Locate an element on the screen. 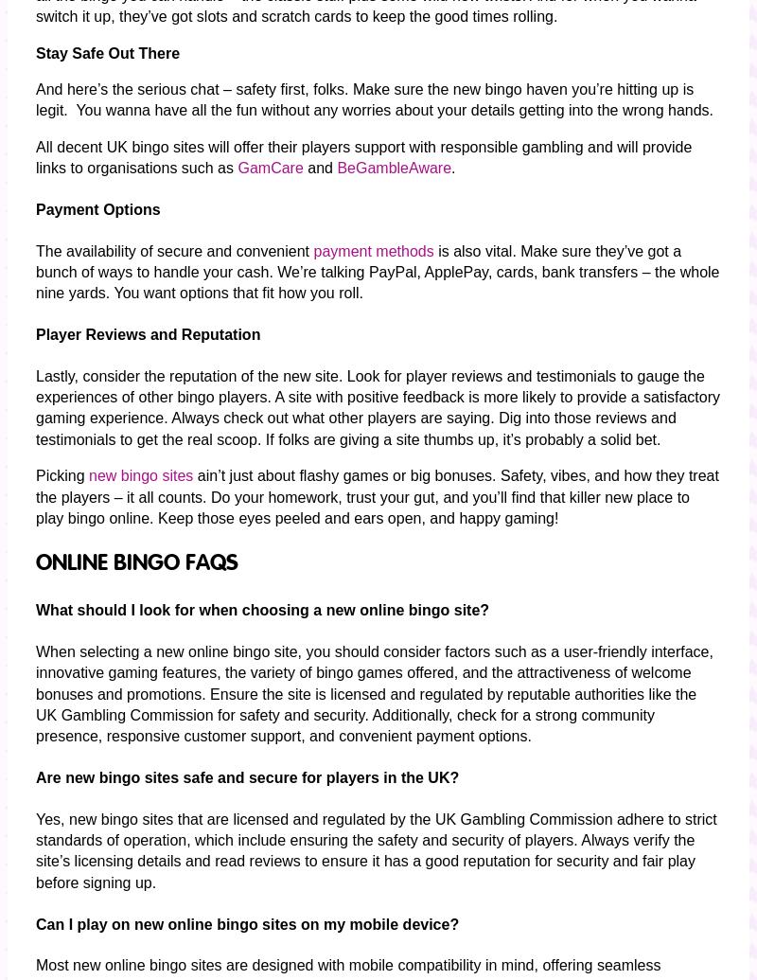 Image resolution: width=757 pixels, height=980 pixels. 'new bingo sites' is located at coordinates (140, 475).